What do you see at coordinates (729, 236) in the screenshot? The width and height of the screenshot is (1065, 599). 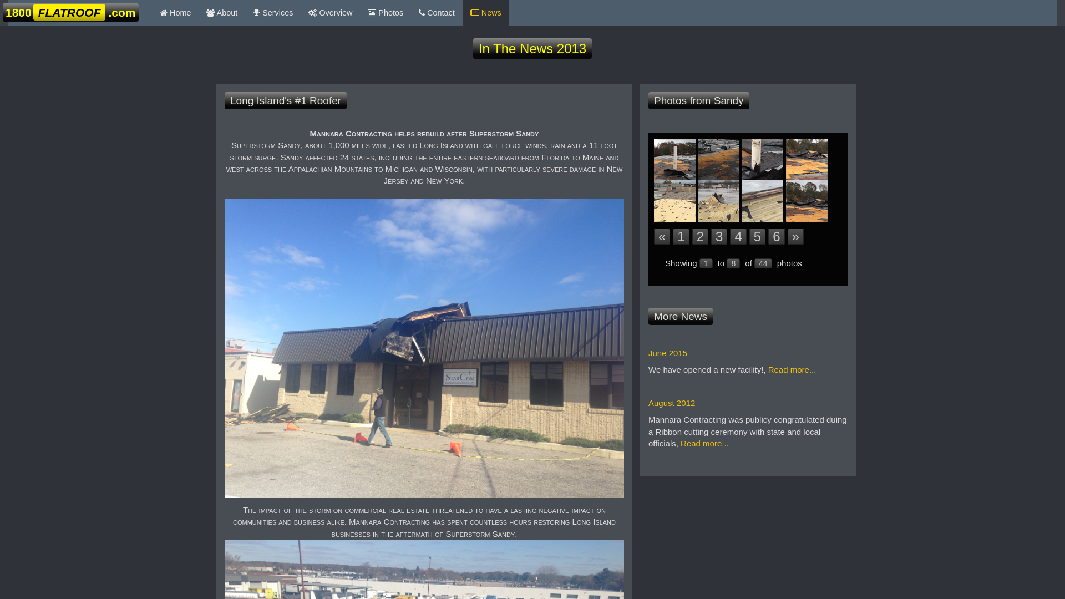 I see `'4'` at bounding box center [729, 236].